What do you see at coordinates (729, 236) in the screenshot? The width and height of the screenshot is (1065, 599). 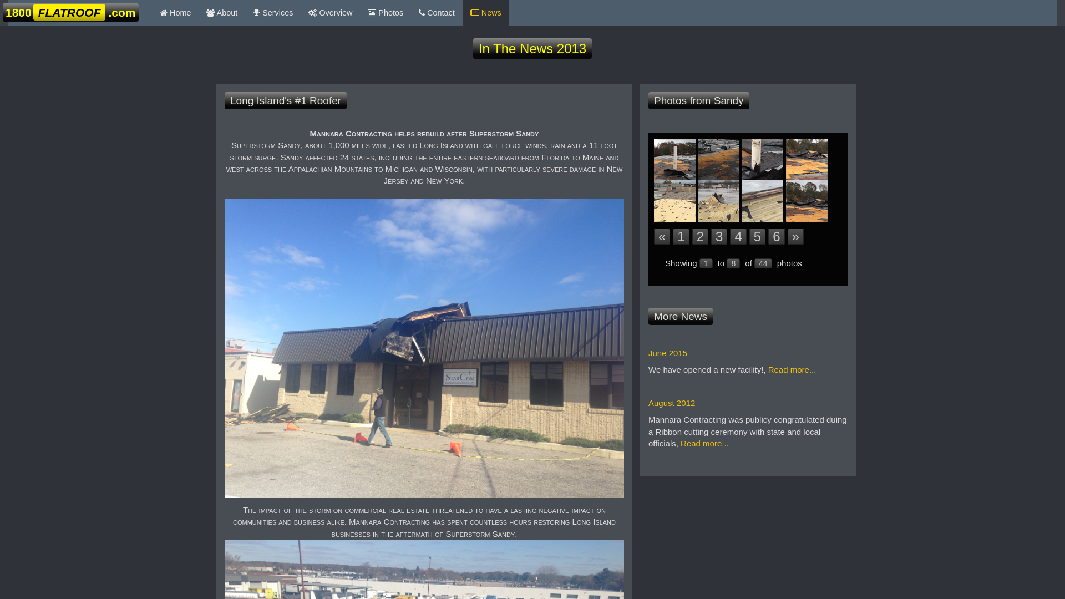 I see `'4'` at bounding box center [729, 236].